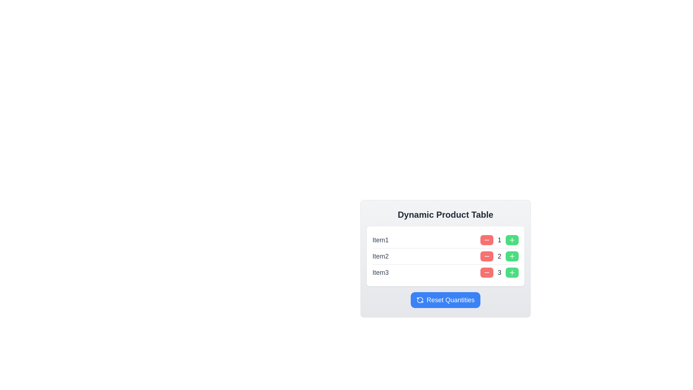 The image size is (693, 390). I want to click on the Decrement Button located in the third row of the Dynamic Product Table, positioned to the left of the numeric value '3' and to the right of the 'Item3' label, so click(487, 273).